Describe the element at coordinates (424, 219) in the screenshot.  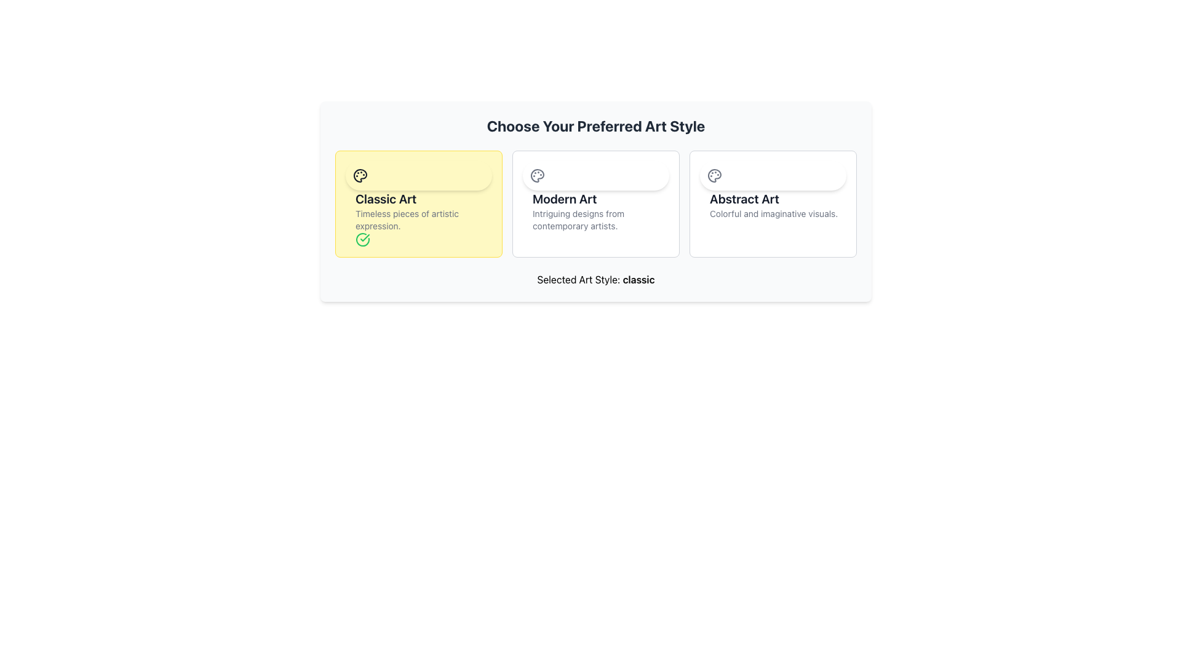
I see `the text element styled as a subtitle that contains the phrase 'Timeless pieces of artistic expression', located below the 'Classic Art' heading in the yellow-highlighted option card` at that location.